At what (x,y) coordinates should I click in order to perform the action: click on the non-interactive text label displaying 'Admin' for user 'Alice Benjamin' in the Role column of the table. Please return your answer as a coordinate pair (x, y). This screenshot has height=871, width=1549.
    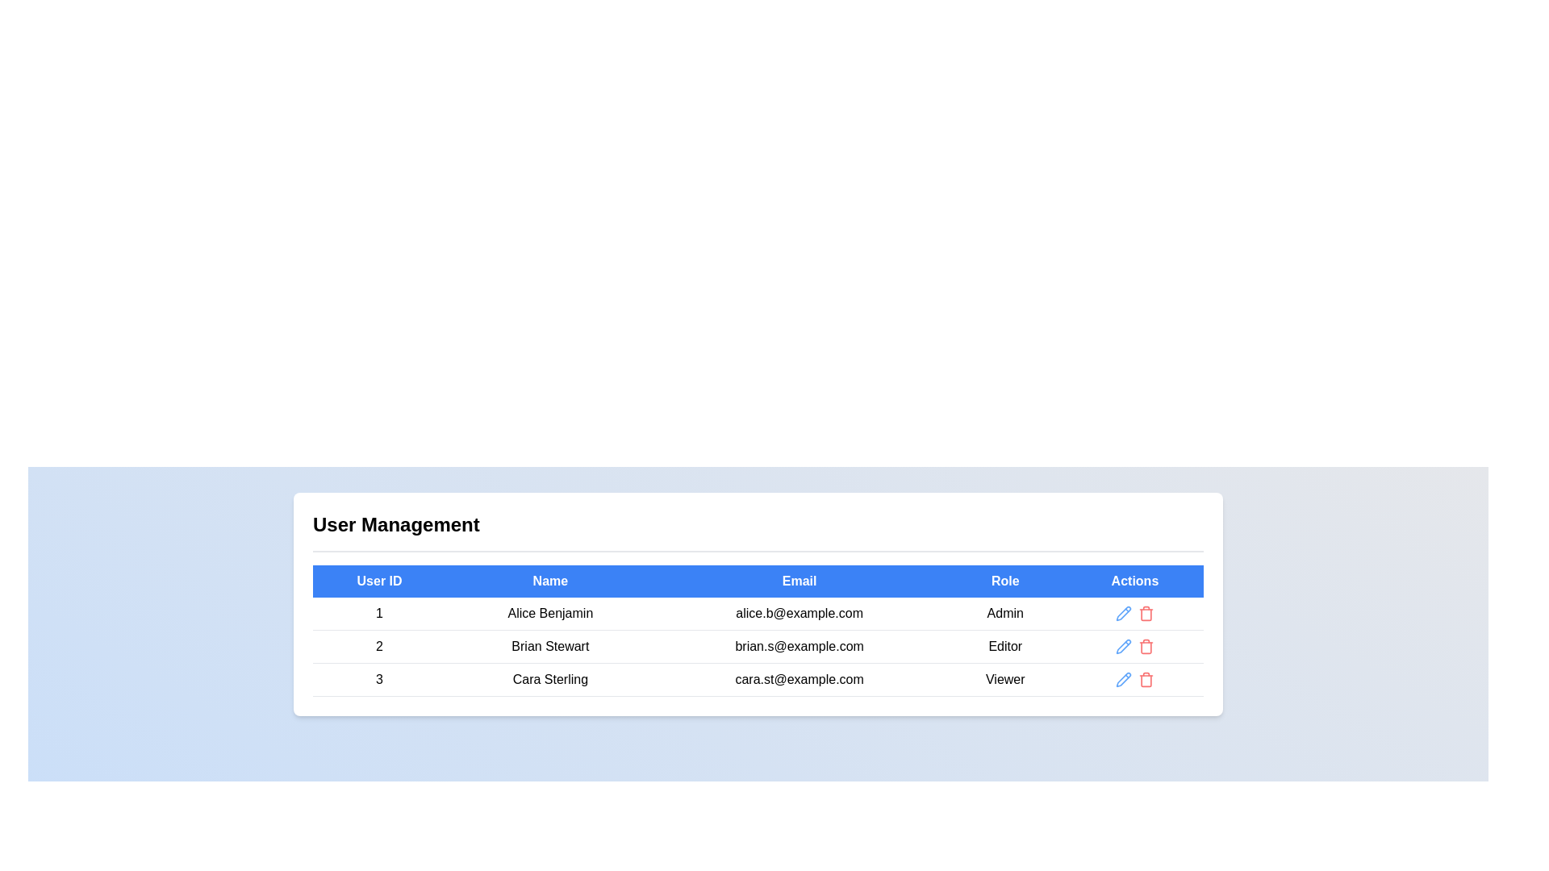
    Looking at the image, I should click on (1004, 614).